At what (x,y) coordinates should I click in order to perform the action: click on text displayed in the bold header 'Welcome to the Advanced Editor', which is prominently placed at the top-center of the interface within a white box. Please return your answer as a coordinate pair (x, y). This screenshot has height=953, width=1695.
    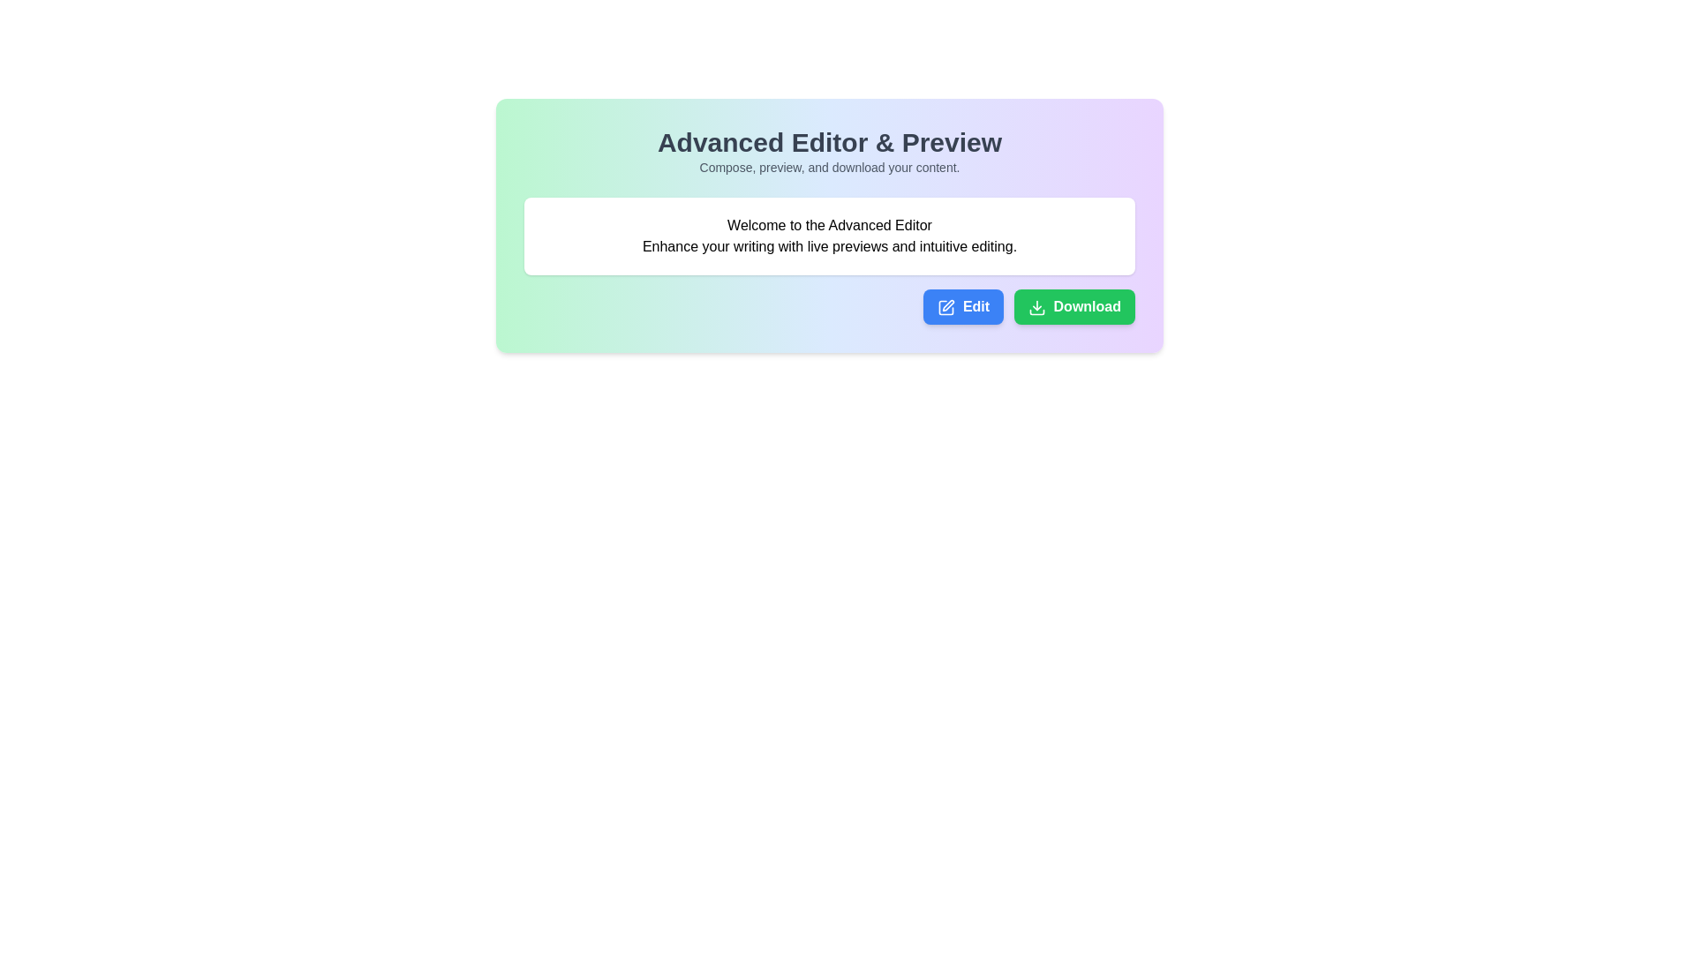
    Looking at the image, I should click on (829, 224).